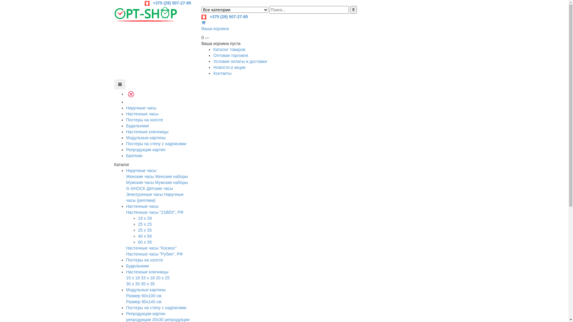 Image resolution: width=573 pixels, height=322 pixels. Describe the element at coordinates (144, 230) in the screenshot. I see `'25 x 35'` at that location.